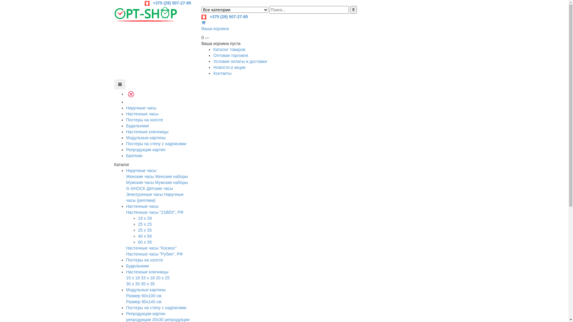 Image resolution: width=573 pixels, height=322 pixels. Describe the element at coordinates (144, 230) in the screenshot. I see `'25 x 35'` at that location.